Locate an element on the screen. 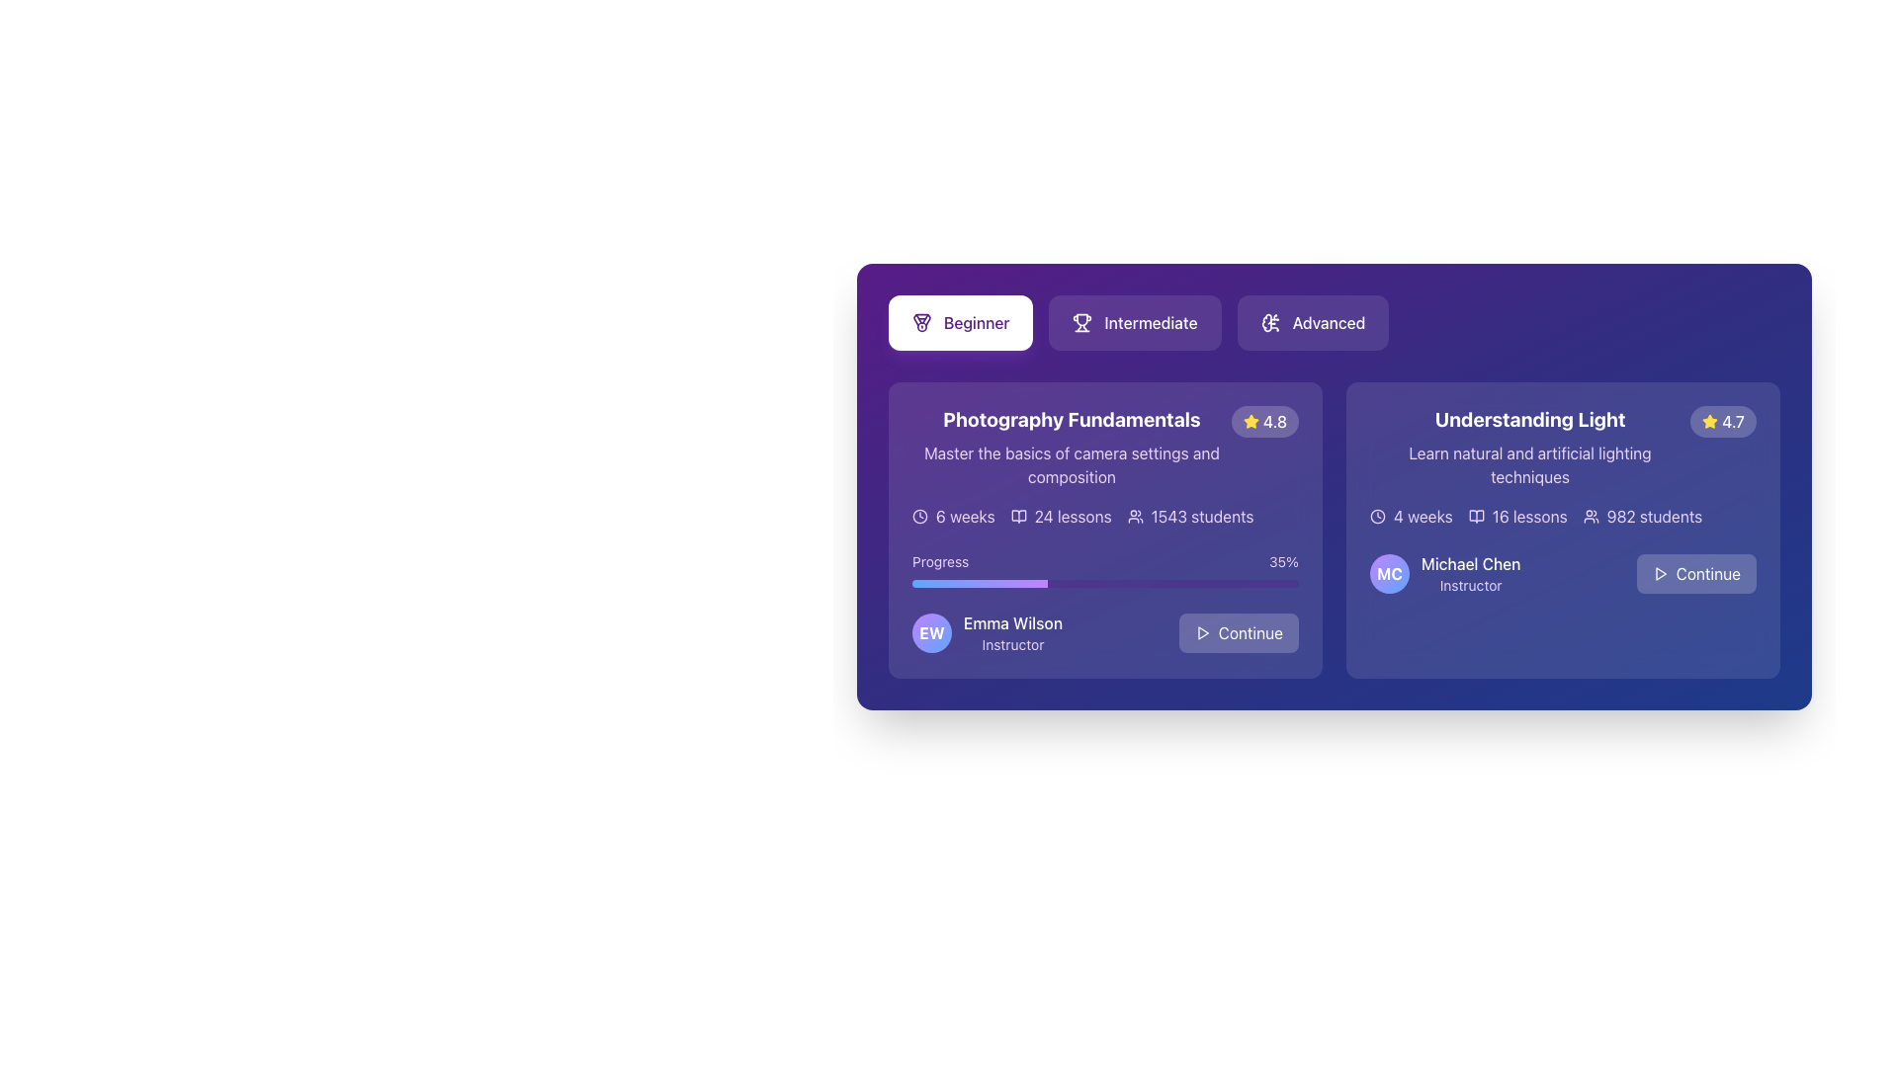 The width and height of the screenshot is (1898, 1067). the informational text element that displays the number of students enrolled in the course, which is the rightmost segment among three horizontally aligned items in the course details card is located at coordinates (1642, 516).